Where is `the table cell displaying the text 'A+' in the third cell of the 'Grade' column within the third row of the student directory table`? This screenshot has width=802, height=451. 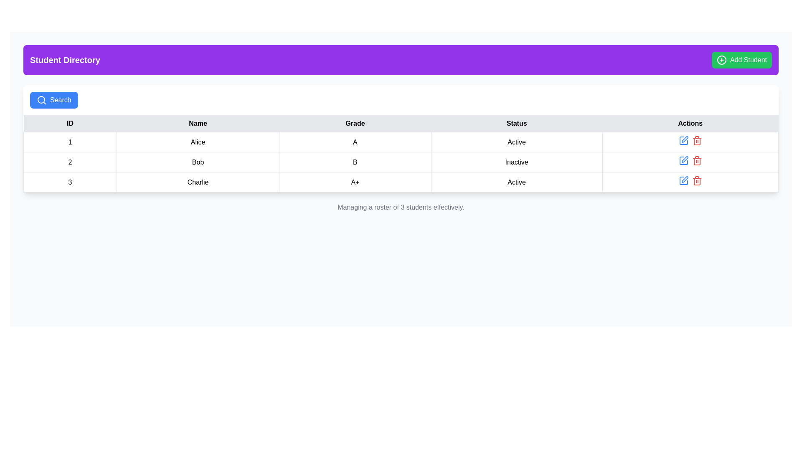
the table cell displaying the text 'A+' in the third cell of the 'Grade' column within the third row of the student directory table is located at coordinates (355, 182).